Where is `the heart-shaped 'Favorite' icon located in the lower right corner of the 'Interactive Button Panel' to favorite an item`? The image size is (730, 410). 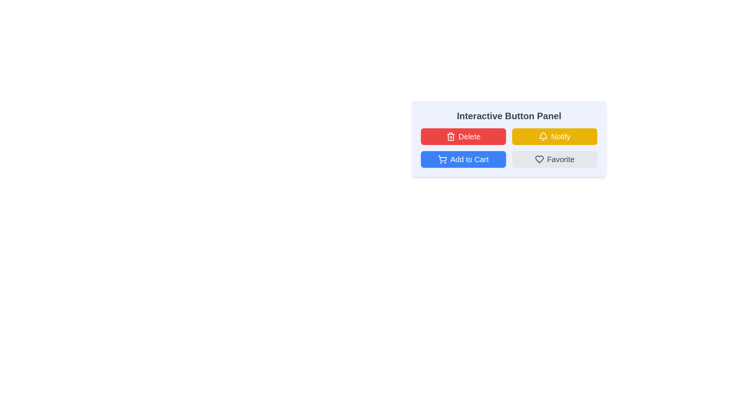
the heart-shaped 'Favorite' icon located in the lower right corner of the 'Interactive Button Panel' to favorite an item is located at coordinates (539, 159).